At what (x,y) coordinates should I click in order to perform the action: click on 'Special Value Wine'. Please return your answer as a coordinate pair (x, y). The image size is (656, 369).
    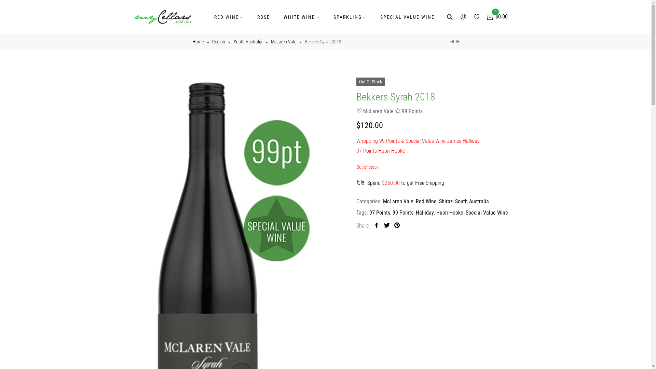
    Looking at the image, I should click on (486, 212).